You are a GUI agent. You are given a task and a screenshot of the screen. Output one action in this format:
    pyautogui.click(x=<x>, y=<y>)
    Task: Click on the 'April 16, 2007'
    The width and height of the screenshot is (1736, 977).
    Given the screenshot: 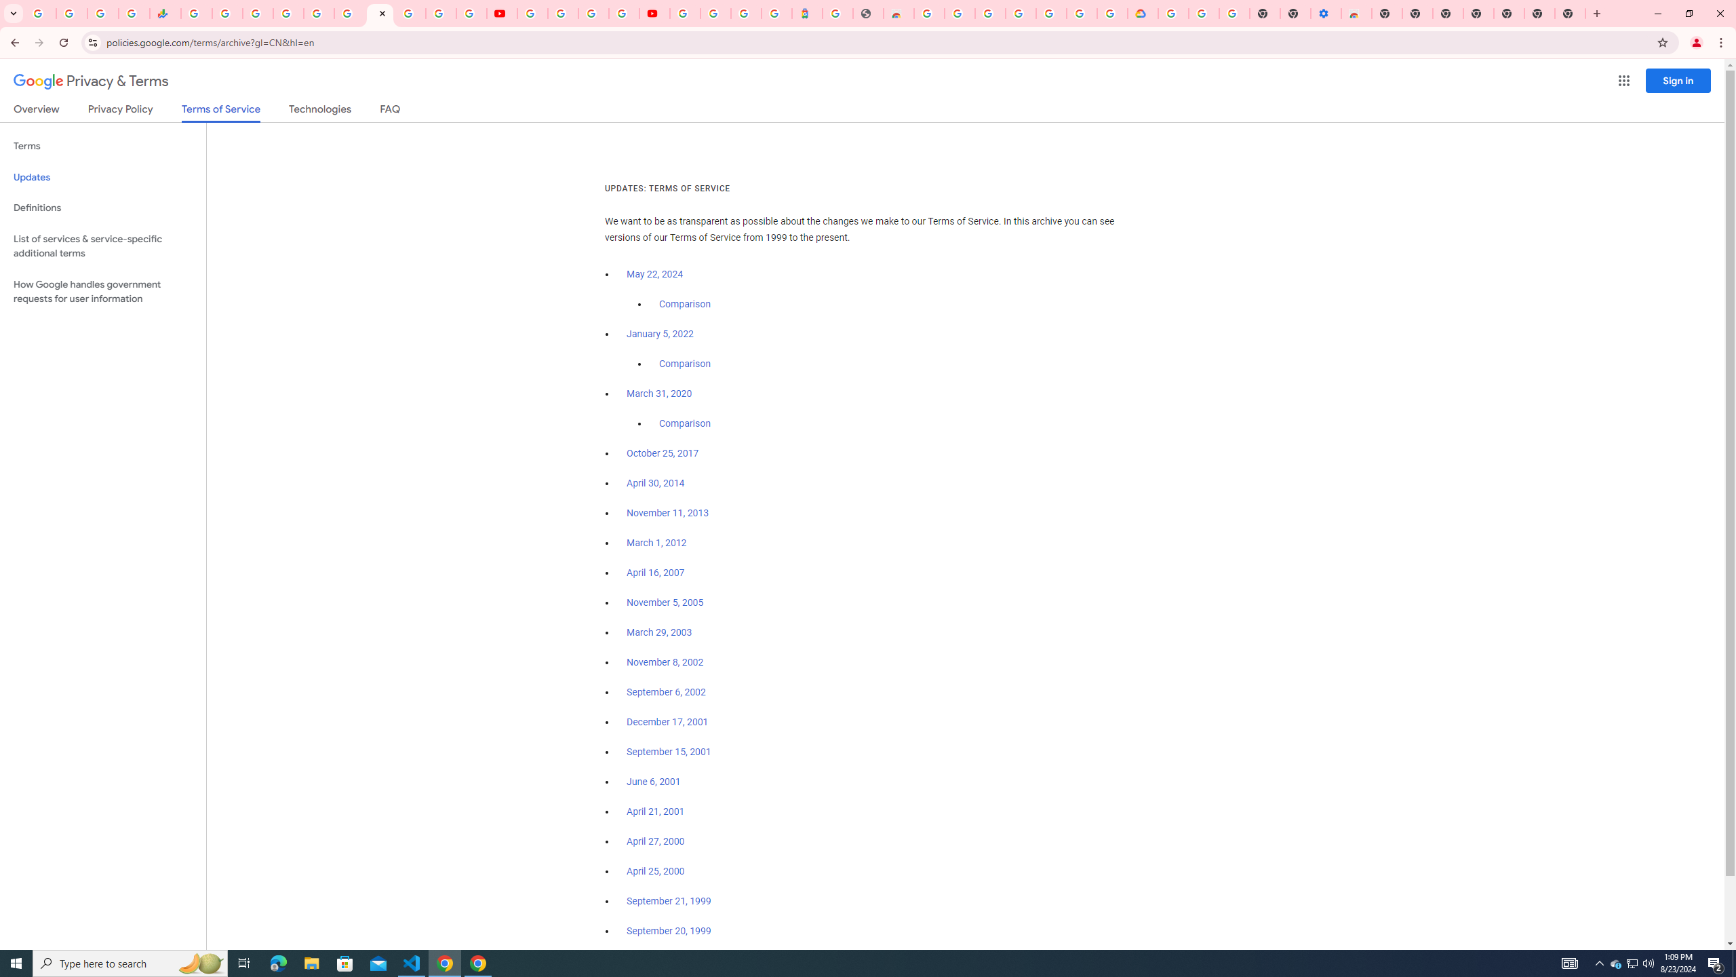 What is the action you would take?
    pyautogui.click(x=655, y=573)
    